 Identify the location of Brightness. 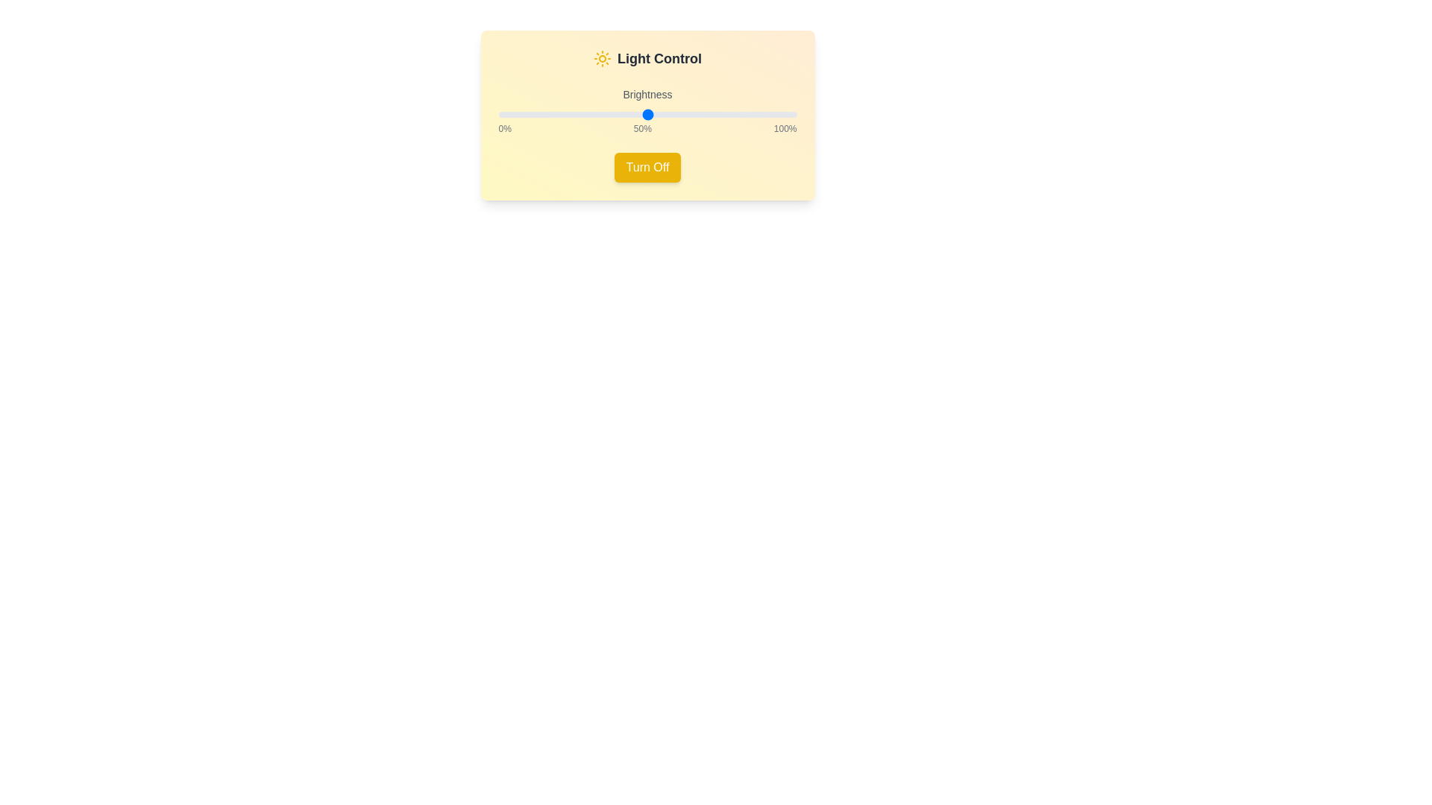
(758, 114).